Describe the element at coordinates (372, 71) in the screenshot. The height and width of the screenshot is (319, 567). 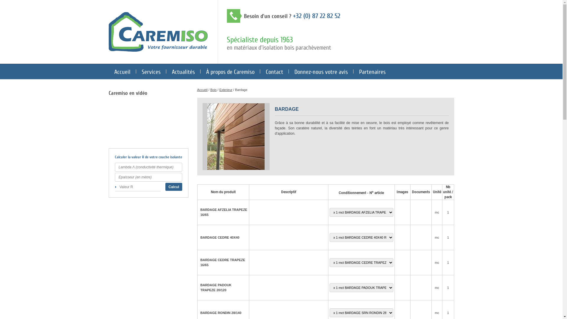
I see `'Partenaires'` at that location.